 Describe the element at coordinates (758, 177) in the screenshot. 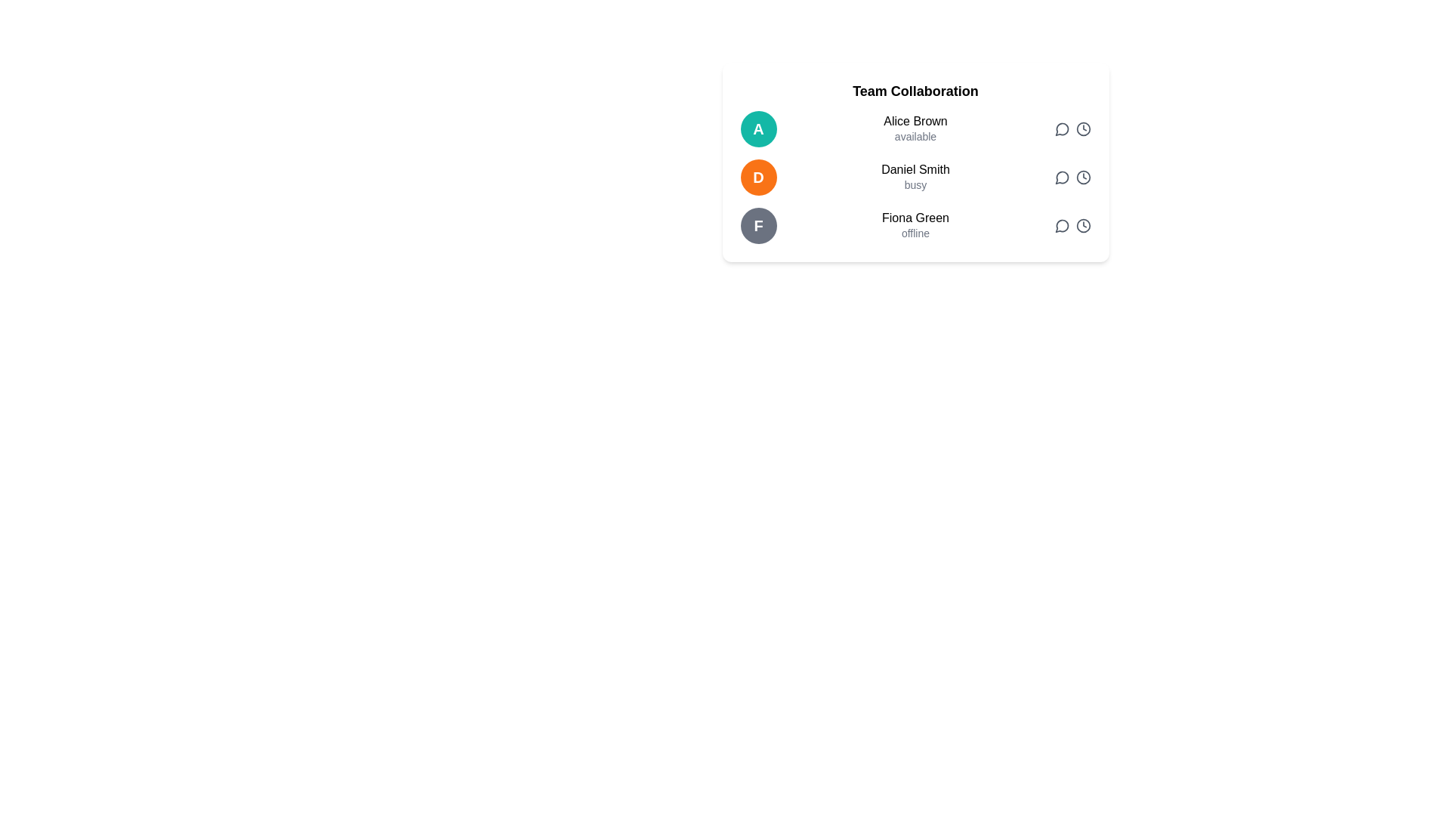

I see `the circular badge with an orange background containing a white capital 'D', located in the second row of user profiles adjacent to 'Daniel Smith' and 'busy'` at that location.